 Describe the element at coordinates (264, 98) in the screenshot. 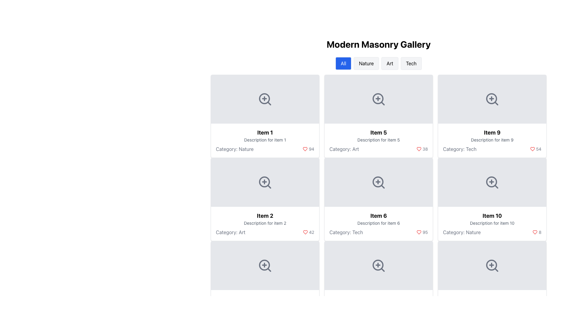

I see `the Iconographic SVG component of type 'circle' that symbolizes the zoom-in functionality, located above the label 'Item 1' in the first column` at that location.